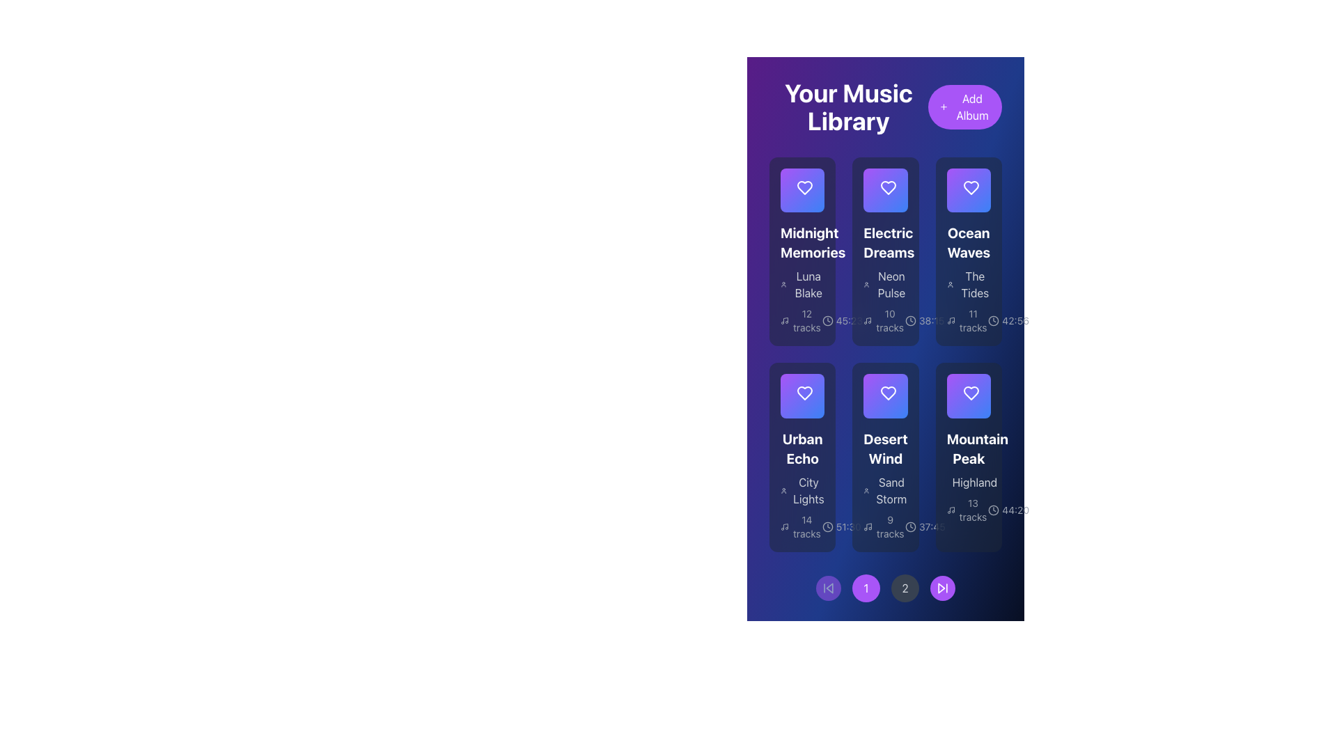  Describe the element at coordinates (968, 457) in the screenshot. I see `the sixth Album Card in the 'Your Music Library' section to interact with the album` at that location.